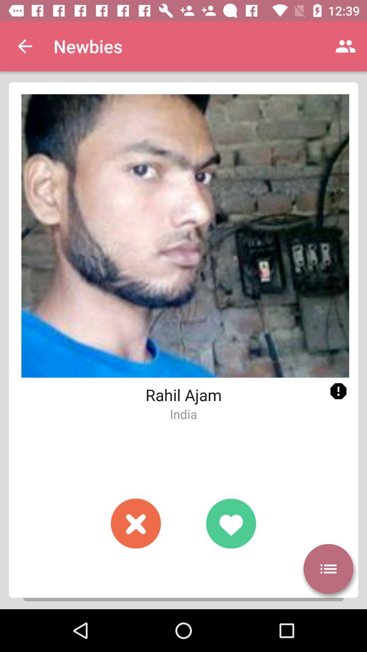 Image resolution: width=367 pixels, height=652 pixels. What do you see at coordinates (230, 523) in the screenshot?
I see `heart reaction` at bounding box center [230, 523].